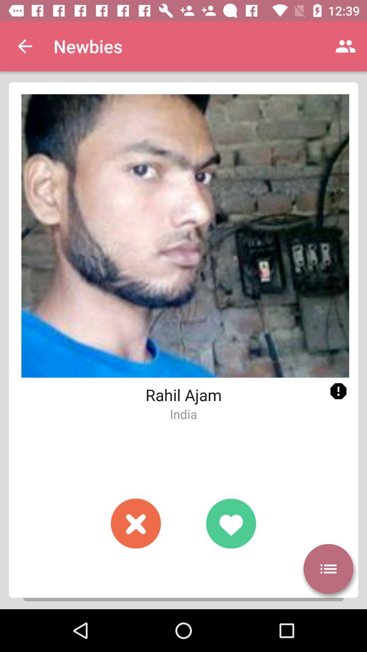 Image resolution: width=367 pixels, height=652 pixels. What do you see at coordinates (230, 523) in the screenshot?
I see `heart reaction` at bounding box center [230, 523].